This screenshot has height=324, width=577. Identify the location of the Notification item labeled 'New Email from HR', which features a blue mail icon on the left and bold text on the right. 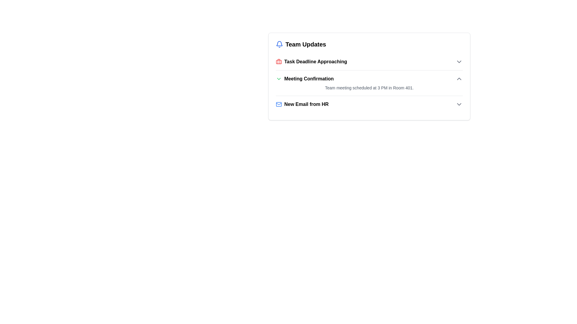
(302, 104).